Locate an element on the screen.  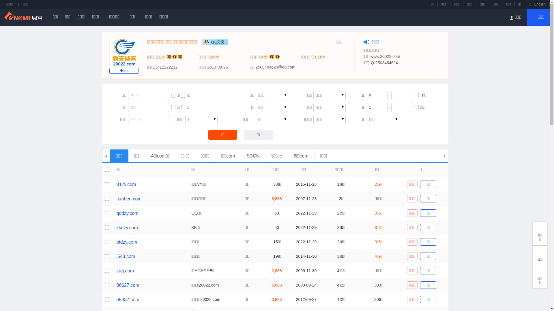
'j543.com' is located at coordinates (126, 256).